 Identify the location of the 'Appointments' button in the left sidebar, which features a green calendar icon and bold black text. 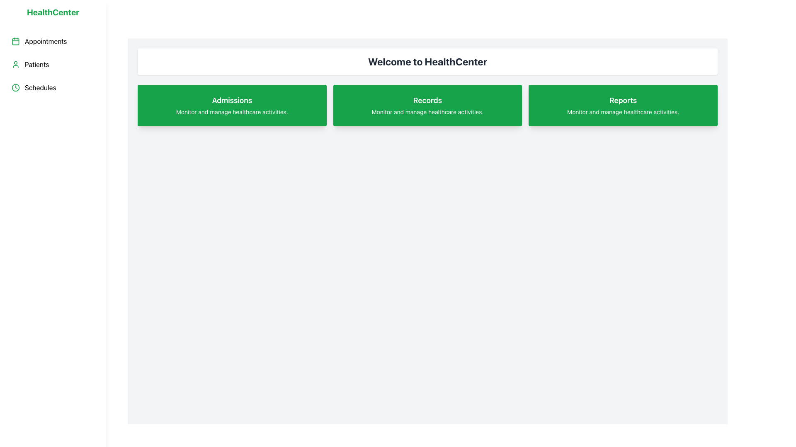
(53, 41).